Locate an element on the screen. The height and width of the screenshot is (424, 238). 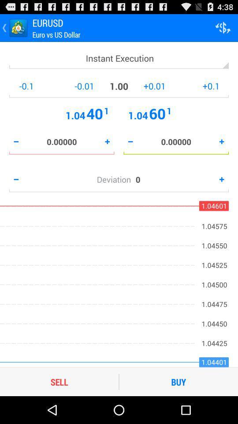
icon next to the 0 icon is located at coordinates (116, 179).